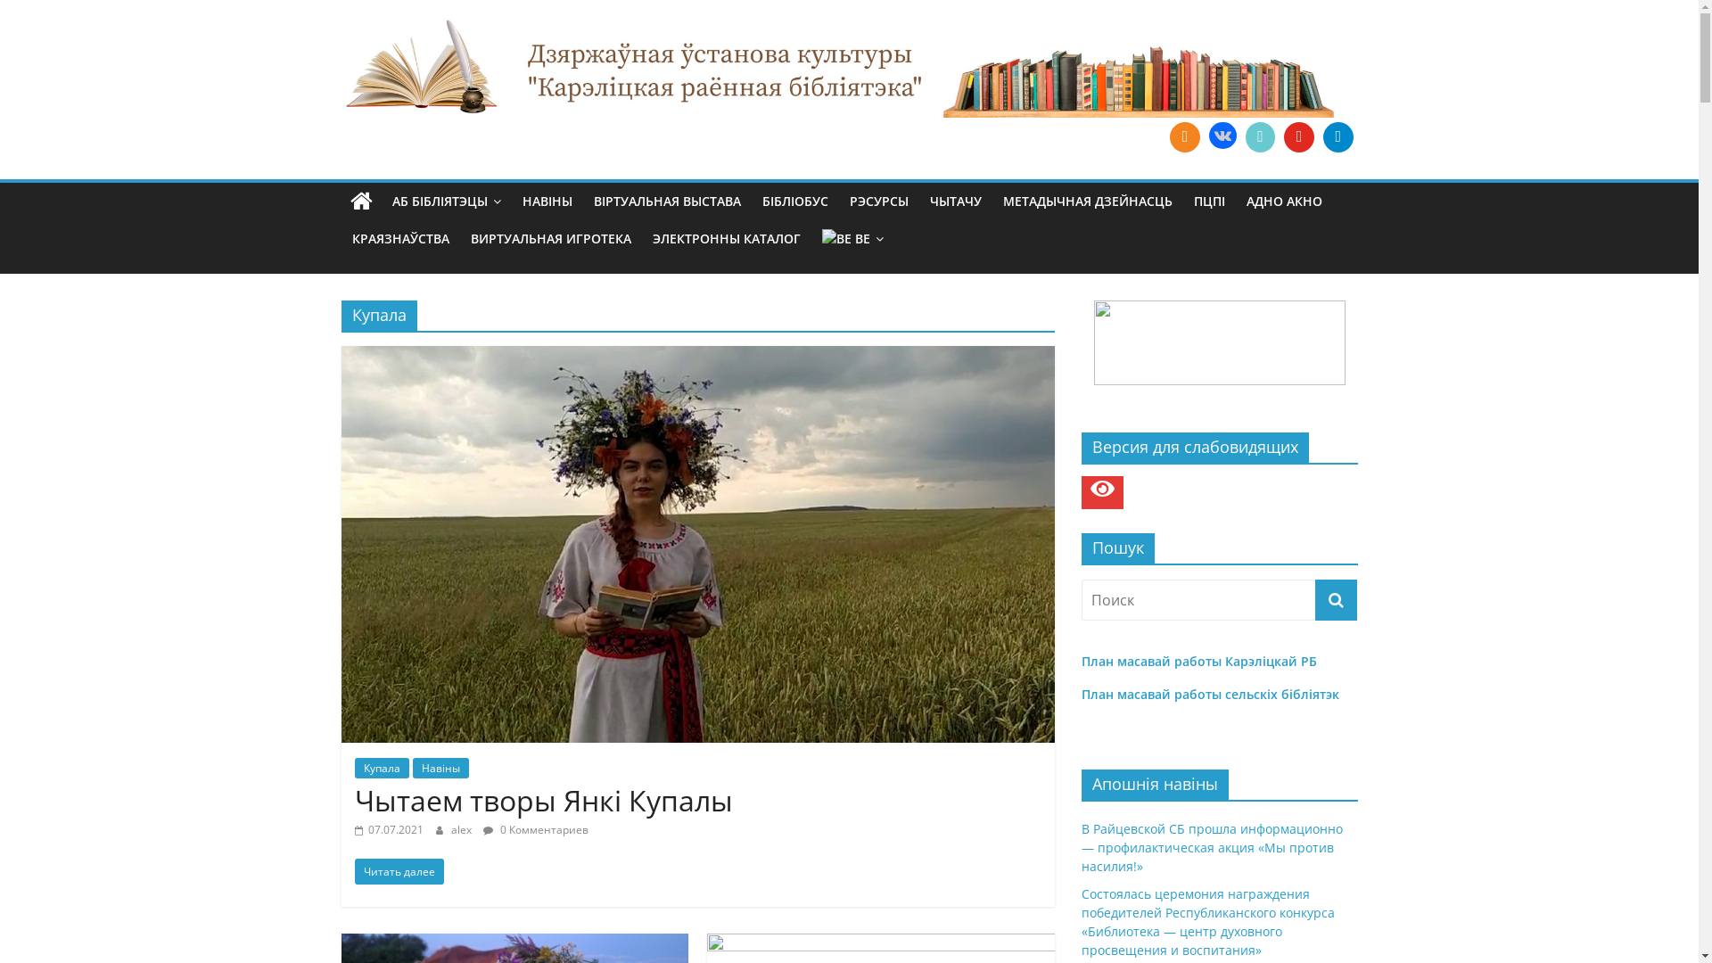  I want to click on 'Telegram', so click(1338, 136).